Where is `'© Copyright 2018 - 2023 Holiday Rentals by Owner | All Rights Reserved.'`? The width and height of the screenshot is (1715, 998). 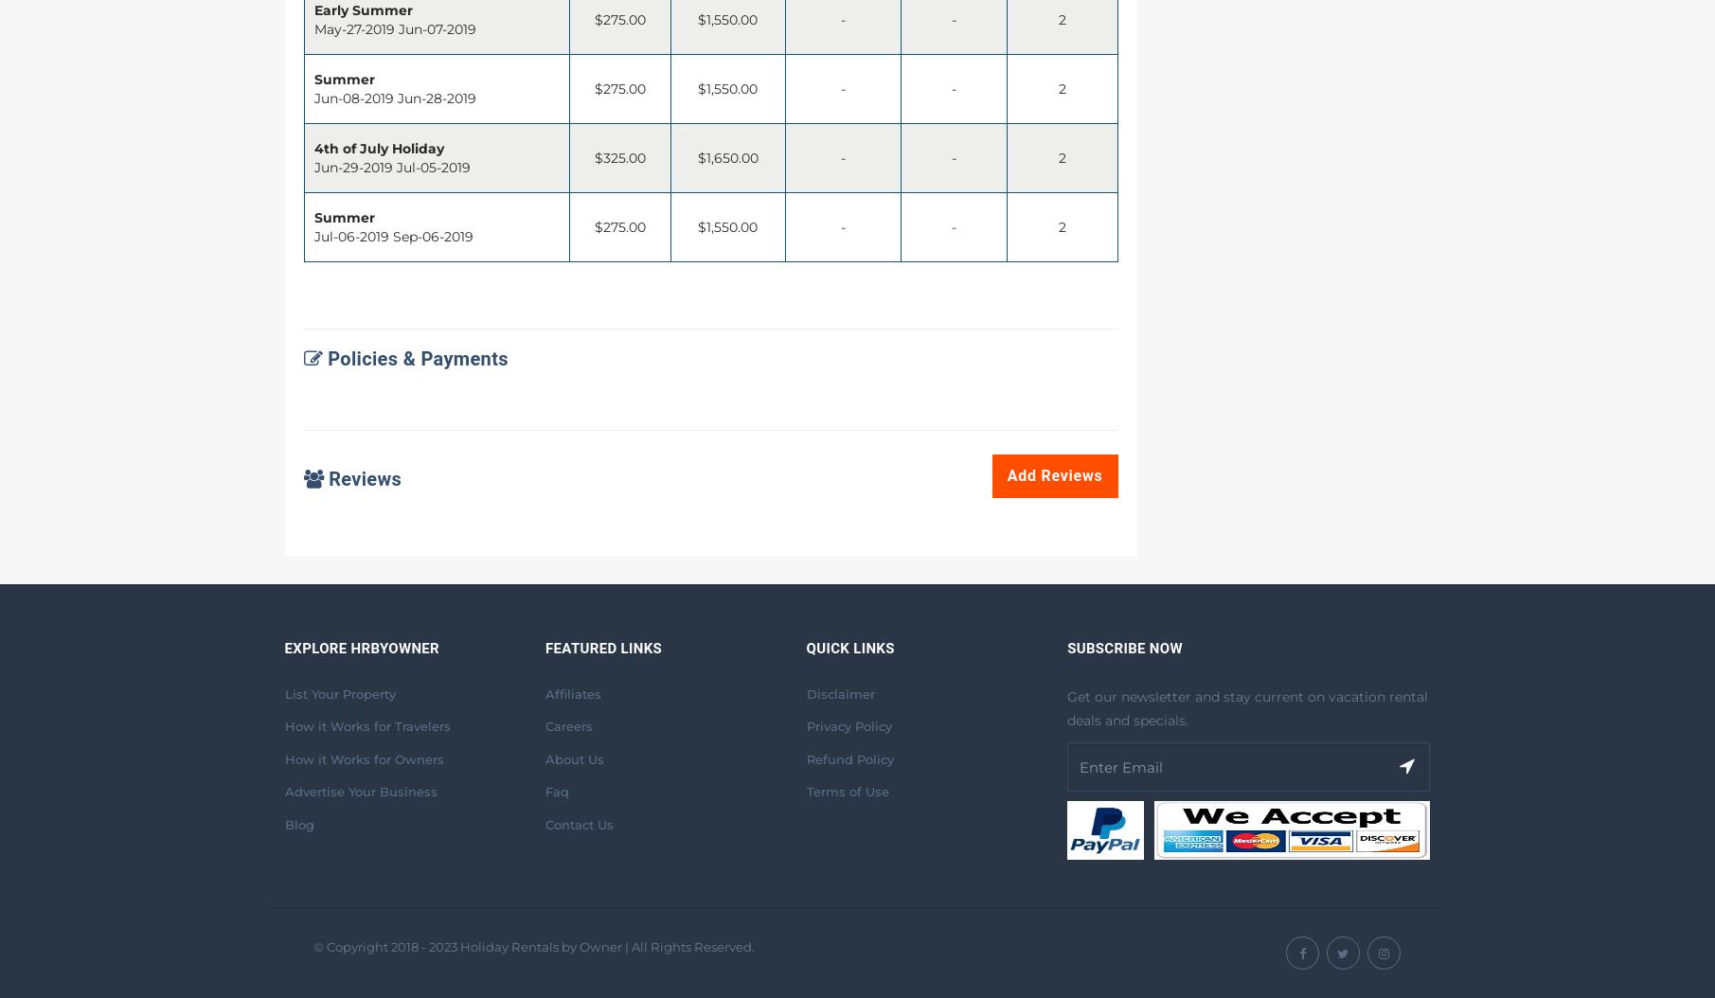
'© Copyright 2018 - 2023 Holiday Rentals by Owner | All Rights Reserved.' is located at coordinates (532, 947).